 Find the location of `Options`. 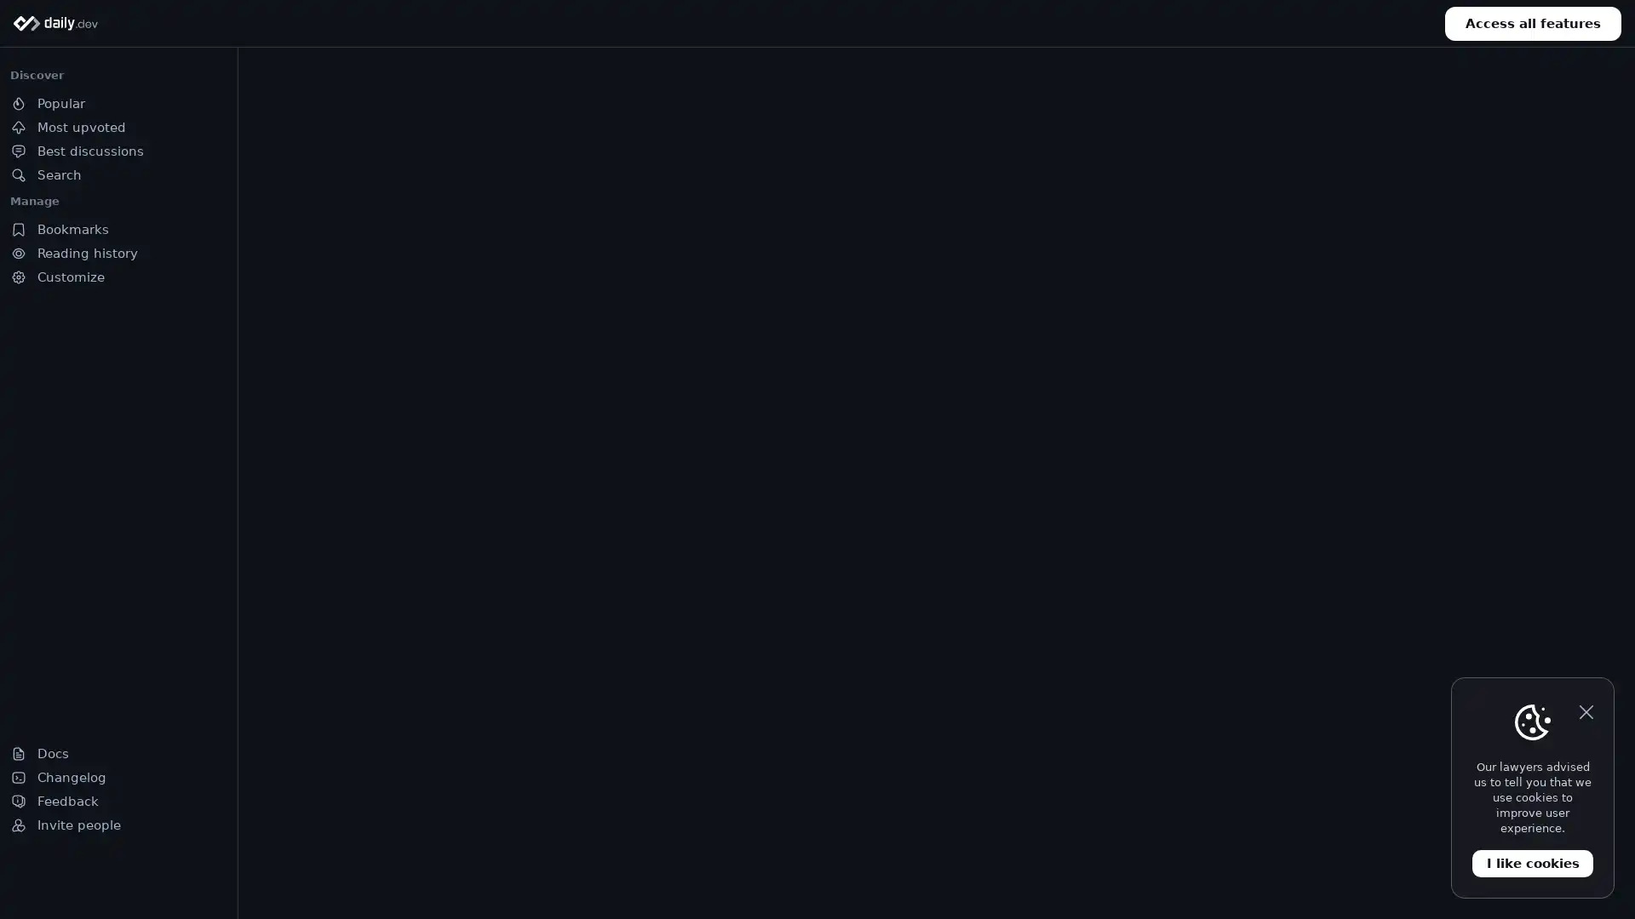

Options is located at coordinates (1192, 196).